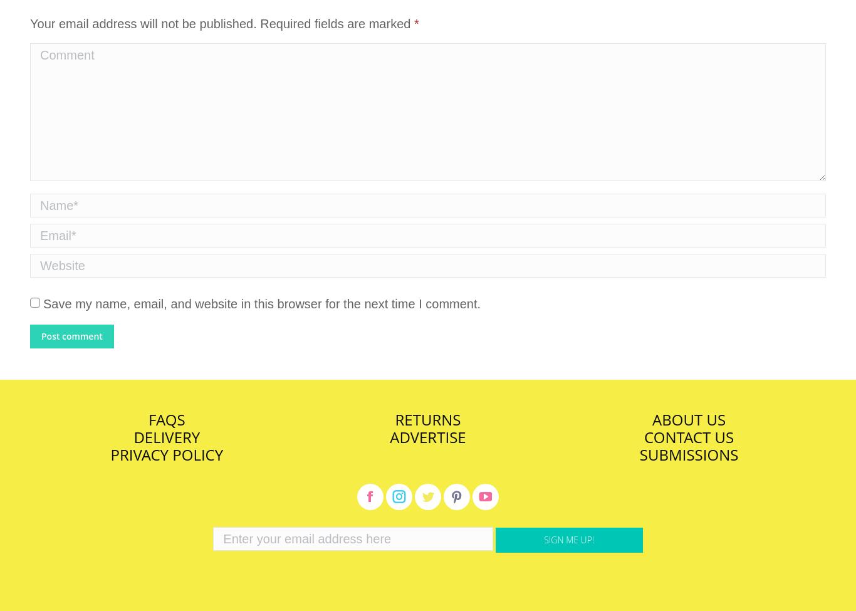  Describe the element at coordinates (71, 335) in the screenshot. I see `'Post comment'` at that location.